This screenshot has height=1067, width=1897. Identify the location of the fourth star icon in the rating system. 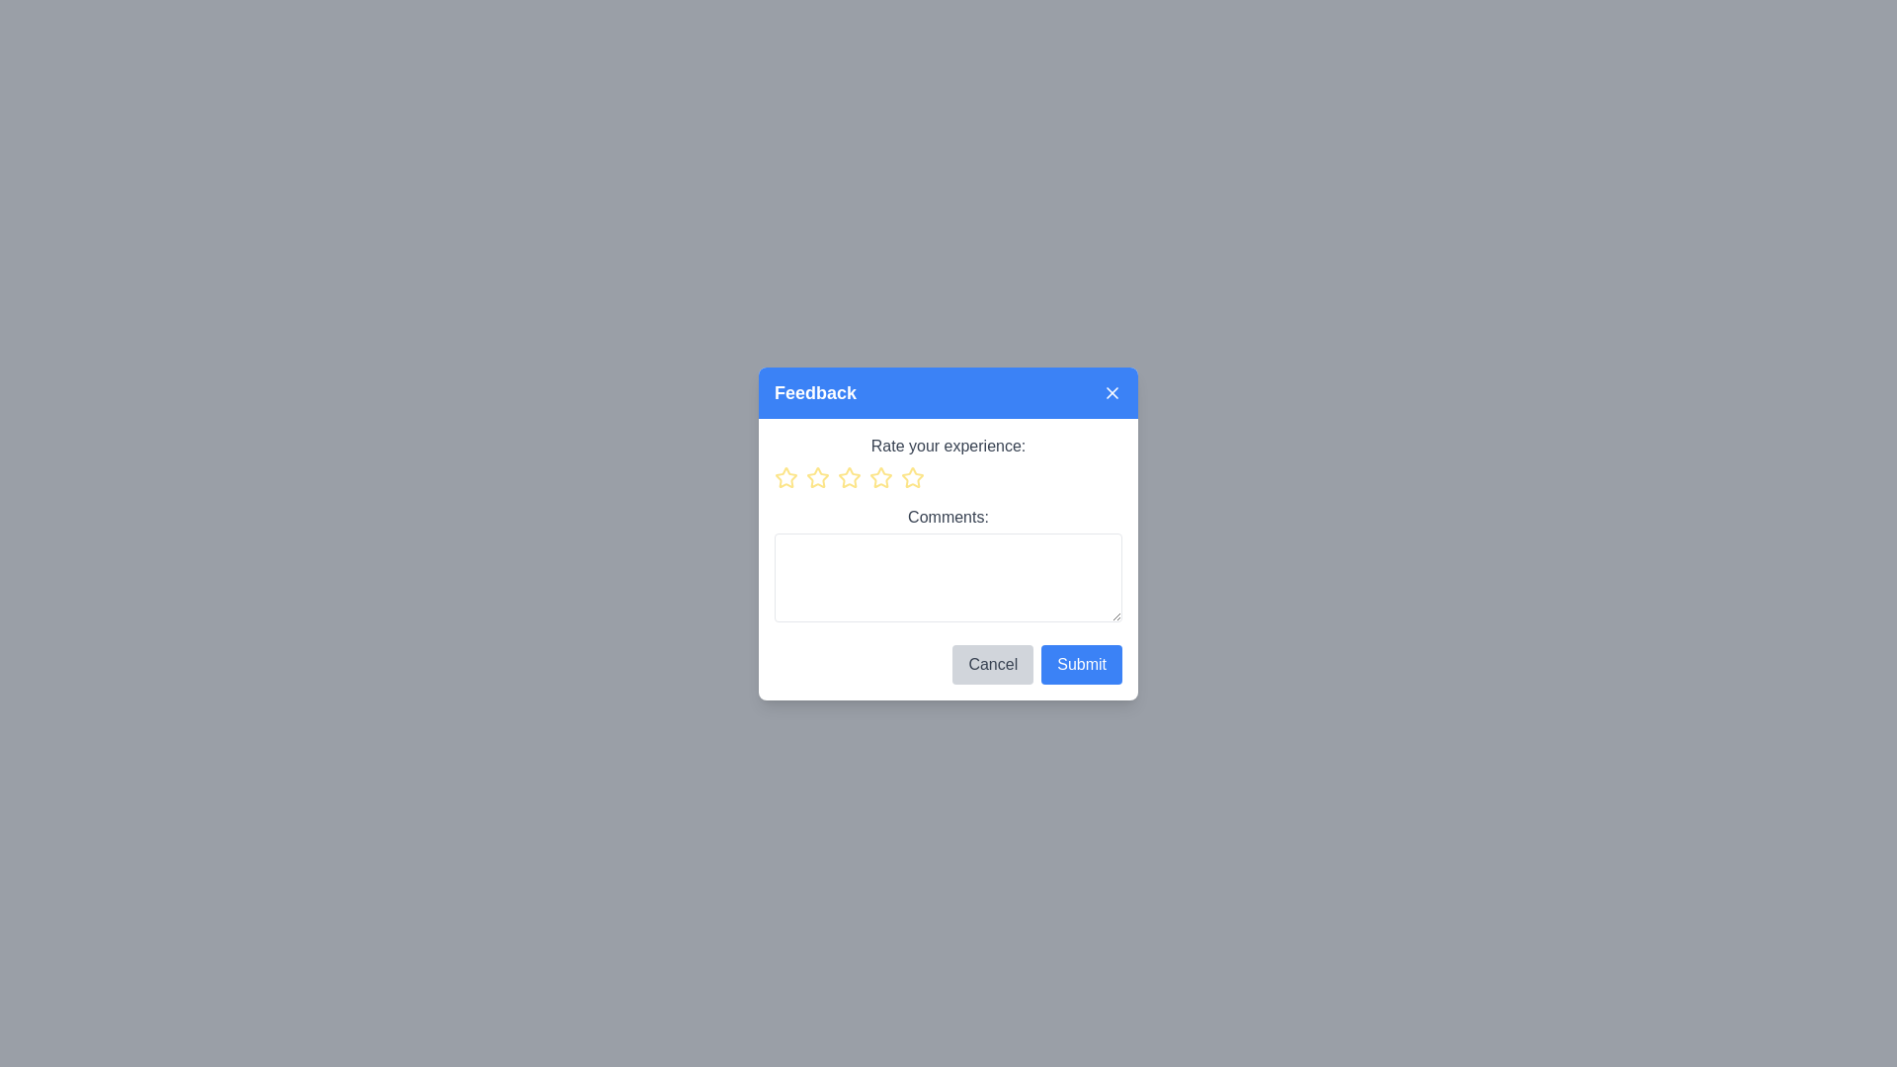
(880, 476).